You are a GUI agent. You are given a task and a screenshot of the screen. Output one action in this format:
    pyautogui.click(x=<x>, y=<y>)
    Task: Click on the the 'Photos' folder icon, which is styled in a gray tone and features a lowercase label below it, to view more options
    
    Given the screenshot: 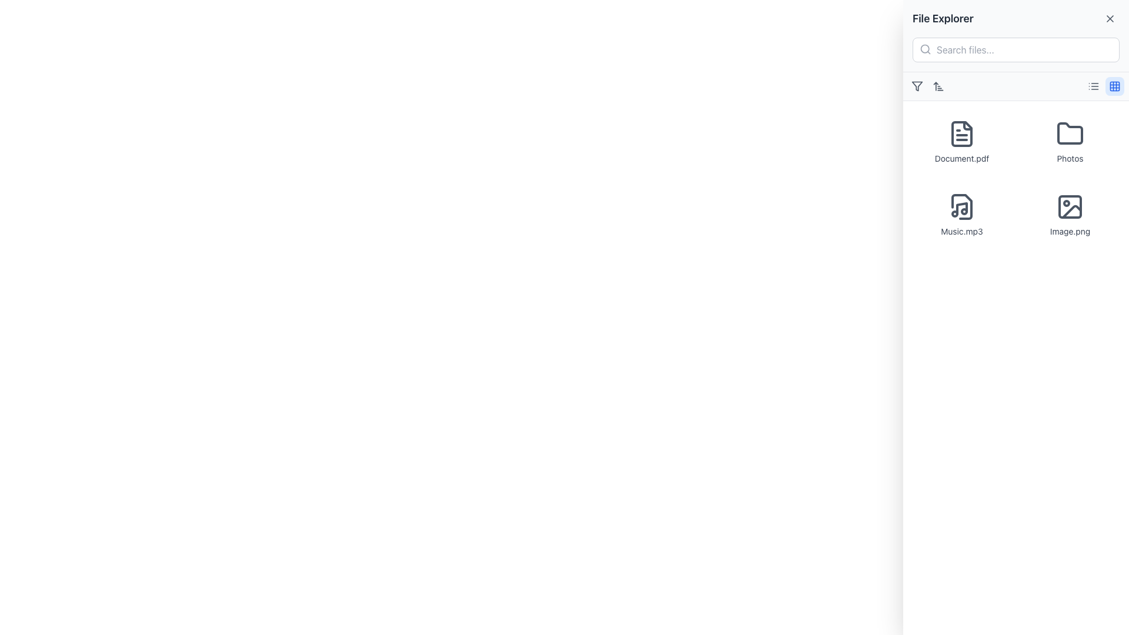 What is the action you would take?
    pyautogui.click(x=1070, y=142)
    